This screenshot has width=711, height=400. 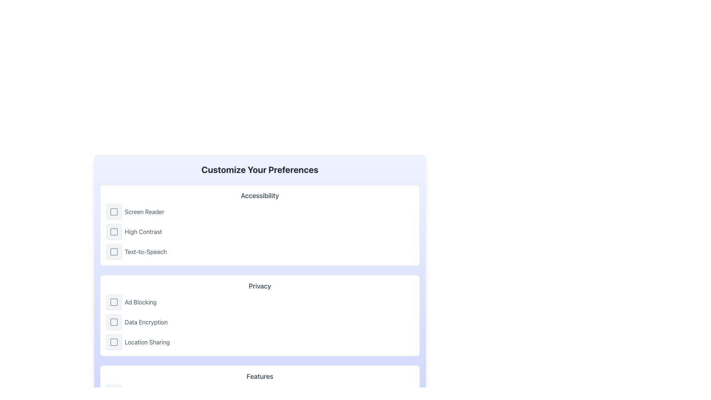 What do you see at coordinates (113, 231) in the screenshot?
I see `the checkbox for 'High Contrast' located in the Accessibility preferences section` at bounding box center [113, 231].